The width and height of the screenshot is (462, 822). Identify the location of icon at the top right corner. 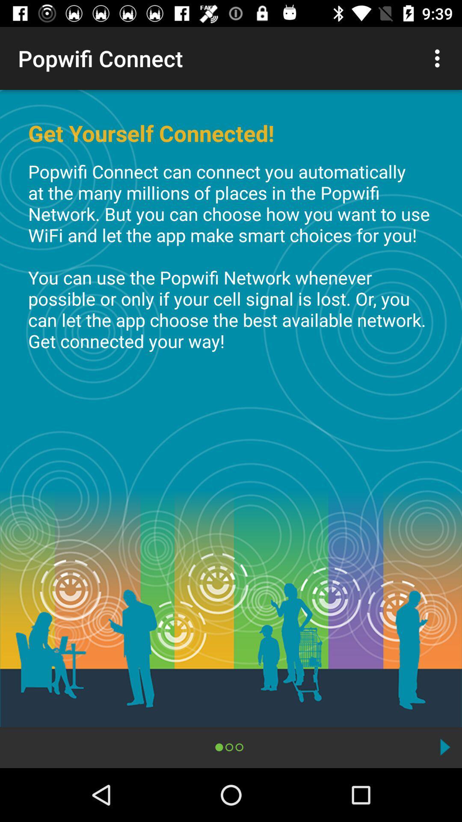
(439, 58).